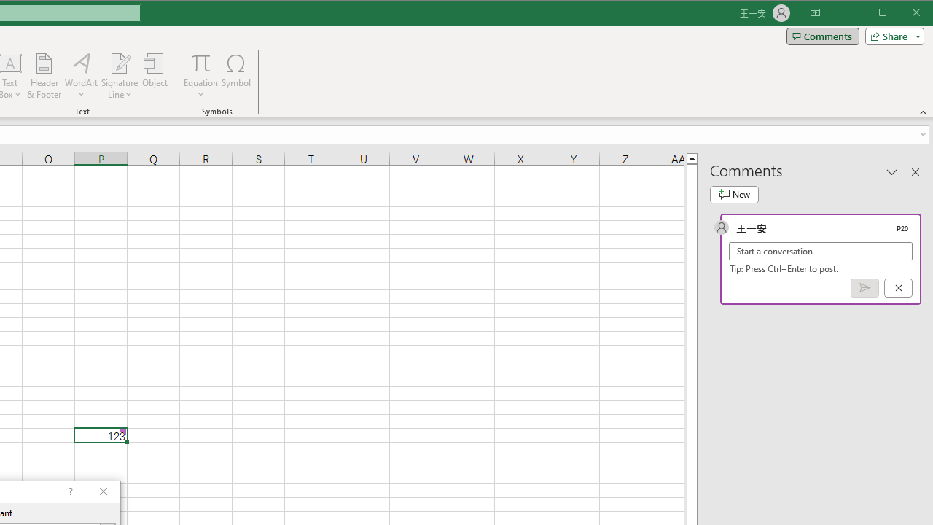 The height and width of the screenshot is (525, 933). What do you see at coordinates (200, 62) in the screenshot?
I see `'Equation'` at bounding box center [200, 62].